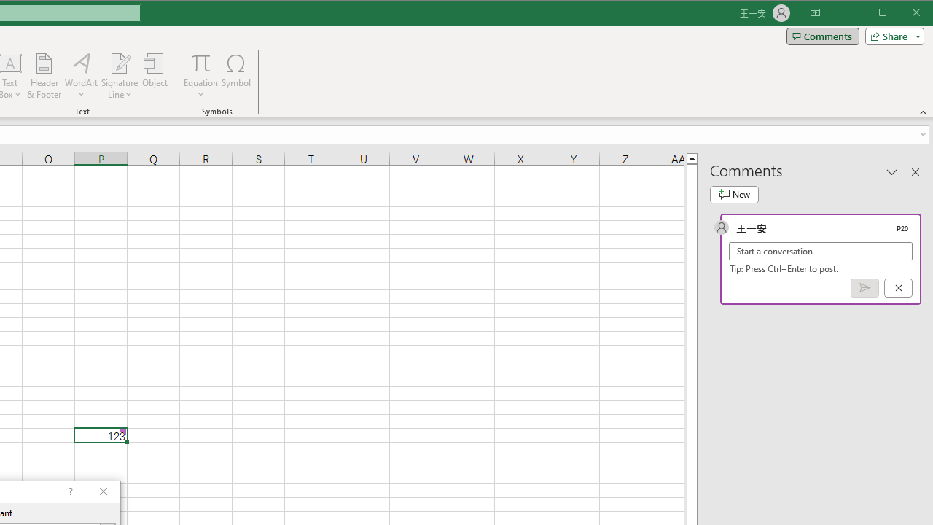 The height and width of the screenshot is (525, 933). What do you see at coordinates (200, 62) in the screenshot?
I see `'Equation'` at bounding box center [200, 62].